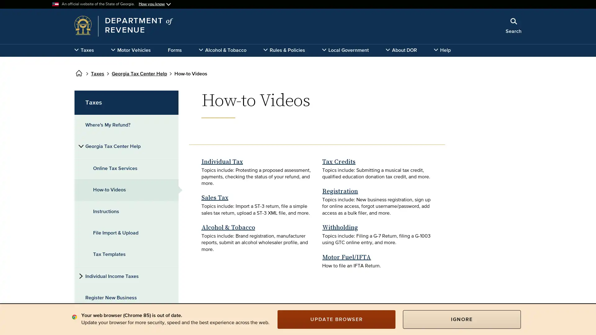 The height and width of the screenshot is (335, 596). Describe the element at coordinates (514, 19) in the screenshot. I see `Close` at that location.